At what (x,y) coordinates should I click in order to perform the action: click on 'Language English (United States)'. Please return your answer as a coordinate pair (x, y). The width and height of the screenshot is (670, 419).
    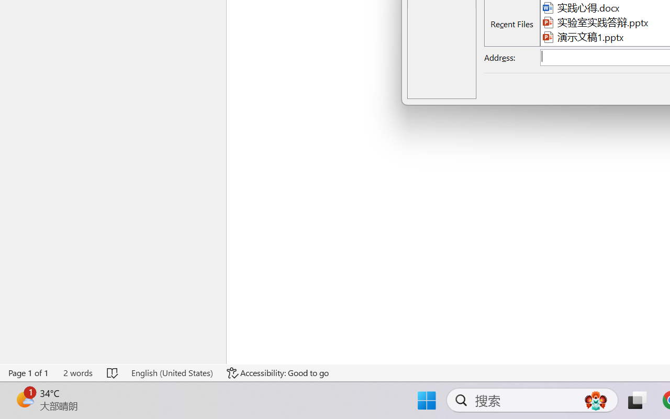
    Looking at the image, I should click on (172, 372).